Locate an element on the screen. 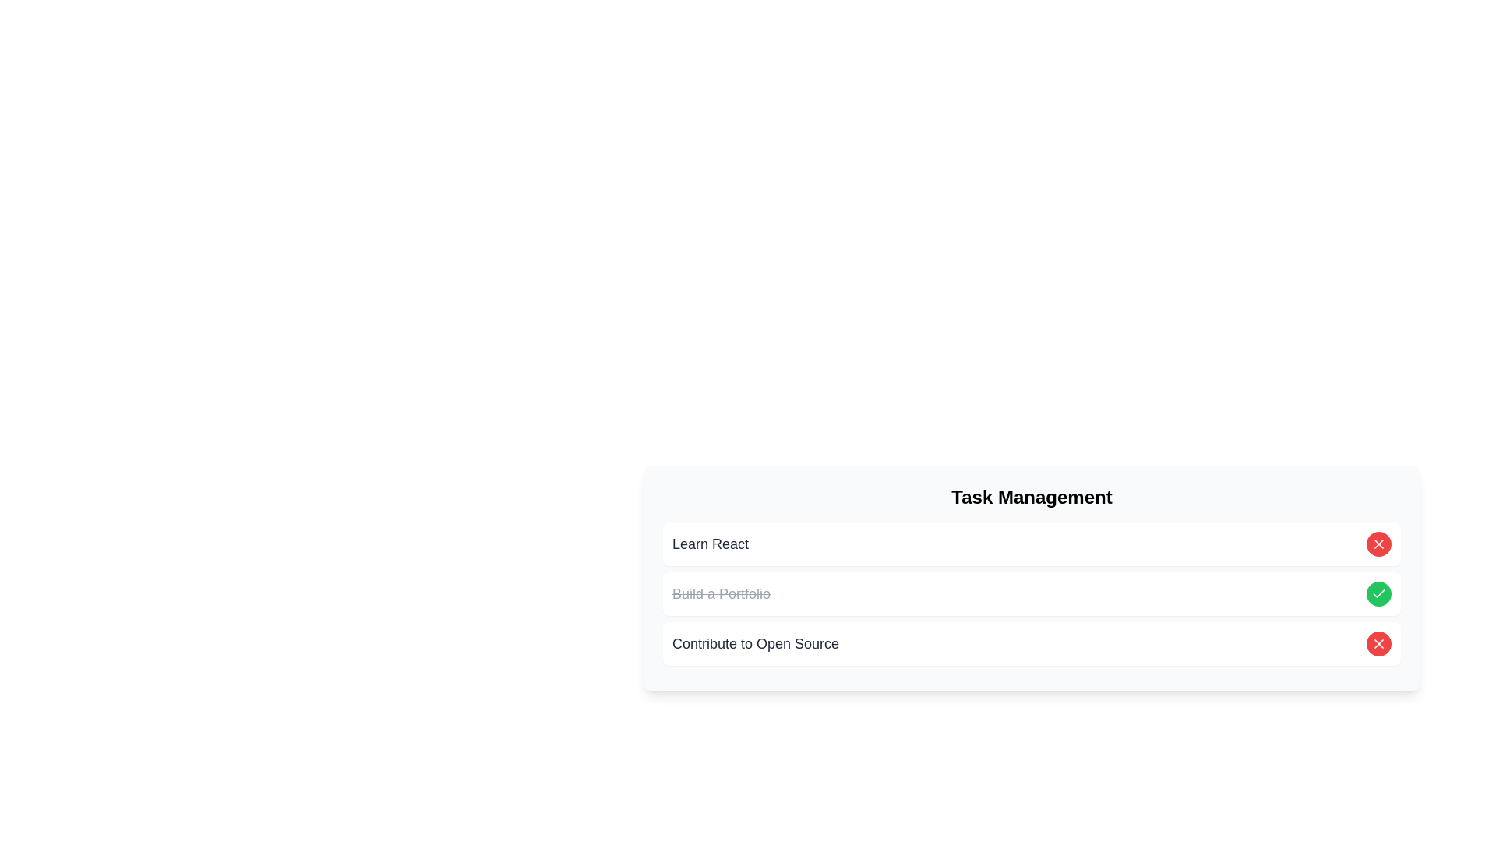 The image size is (1496, 841). the completion indicator icon for the 'Build a Portfolio' task, located in the rightmost position of the second row within the task list is located at coordinates (1379, 594).